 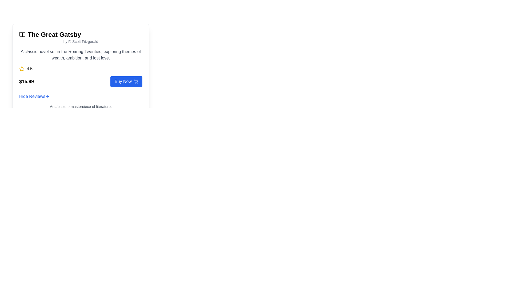 What do you see at coordinates (22, 35) in the screenshot?
I see `the open book icon, which is black and positioned to the left of the 'The Great Gatsby' title text in the top-left section of the card` at bounding box center [22, 35].